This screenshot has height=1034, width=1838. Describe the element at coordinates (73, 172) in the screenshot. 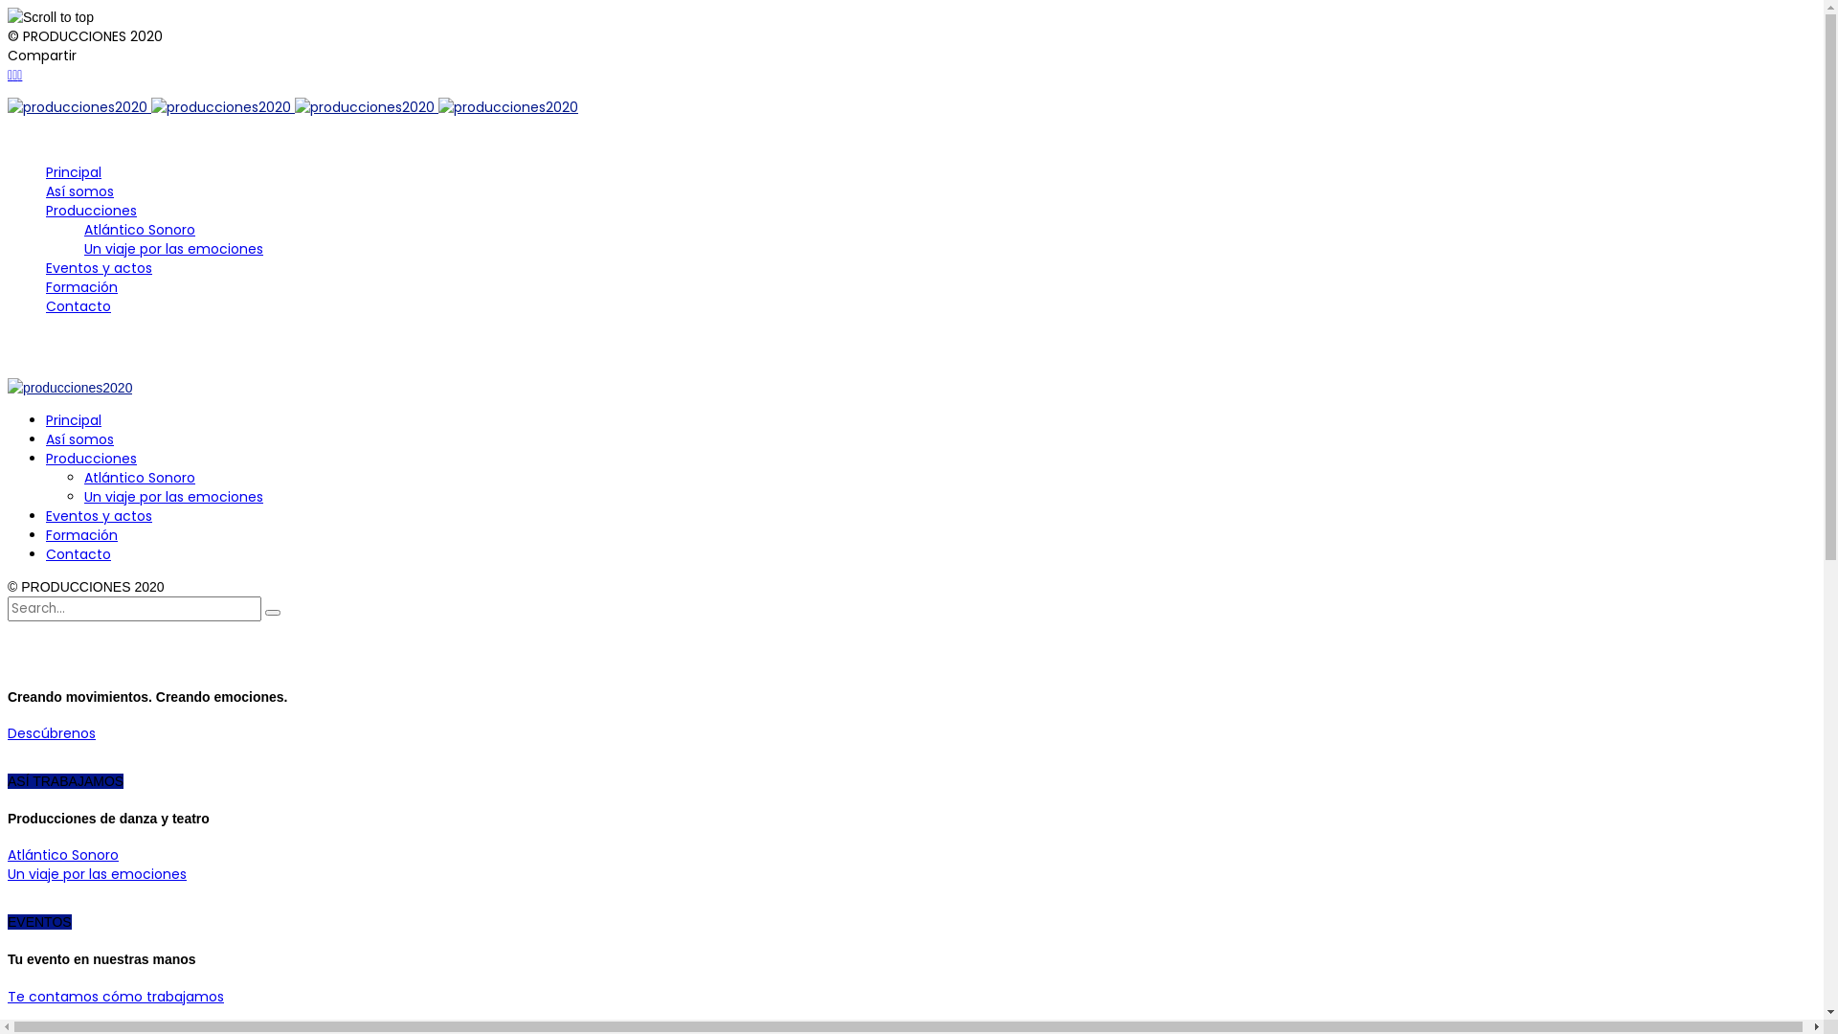

I see `'Principal'` at that location.